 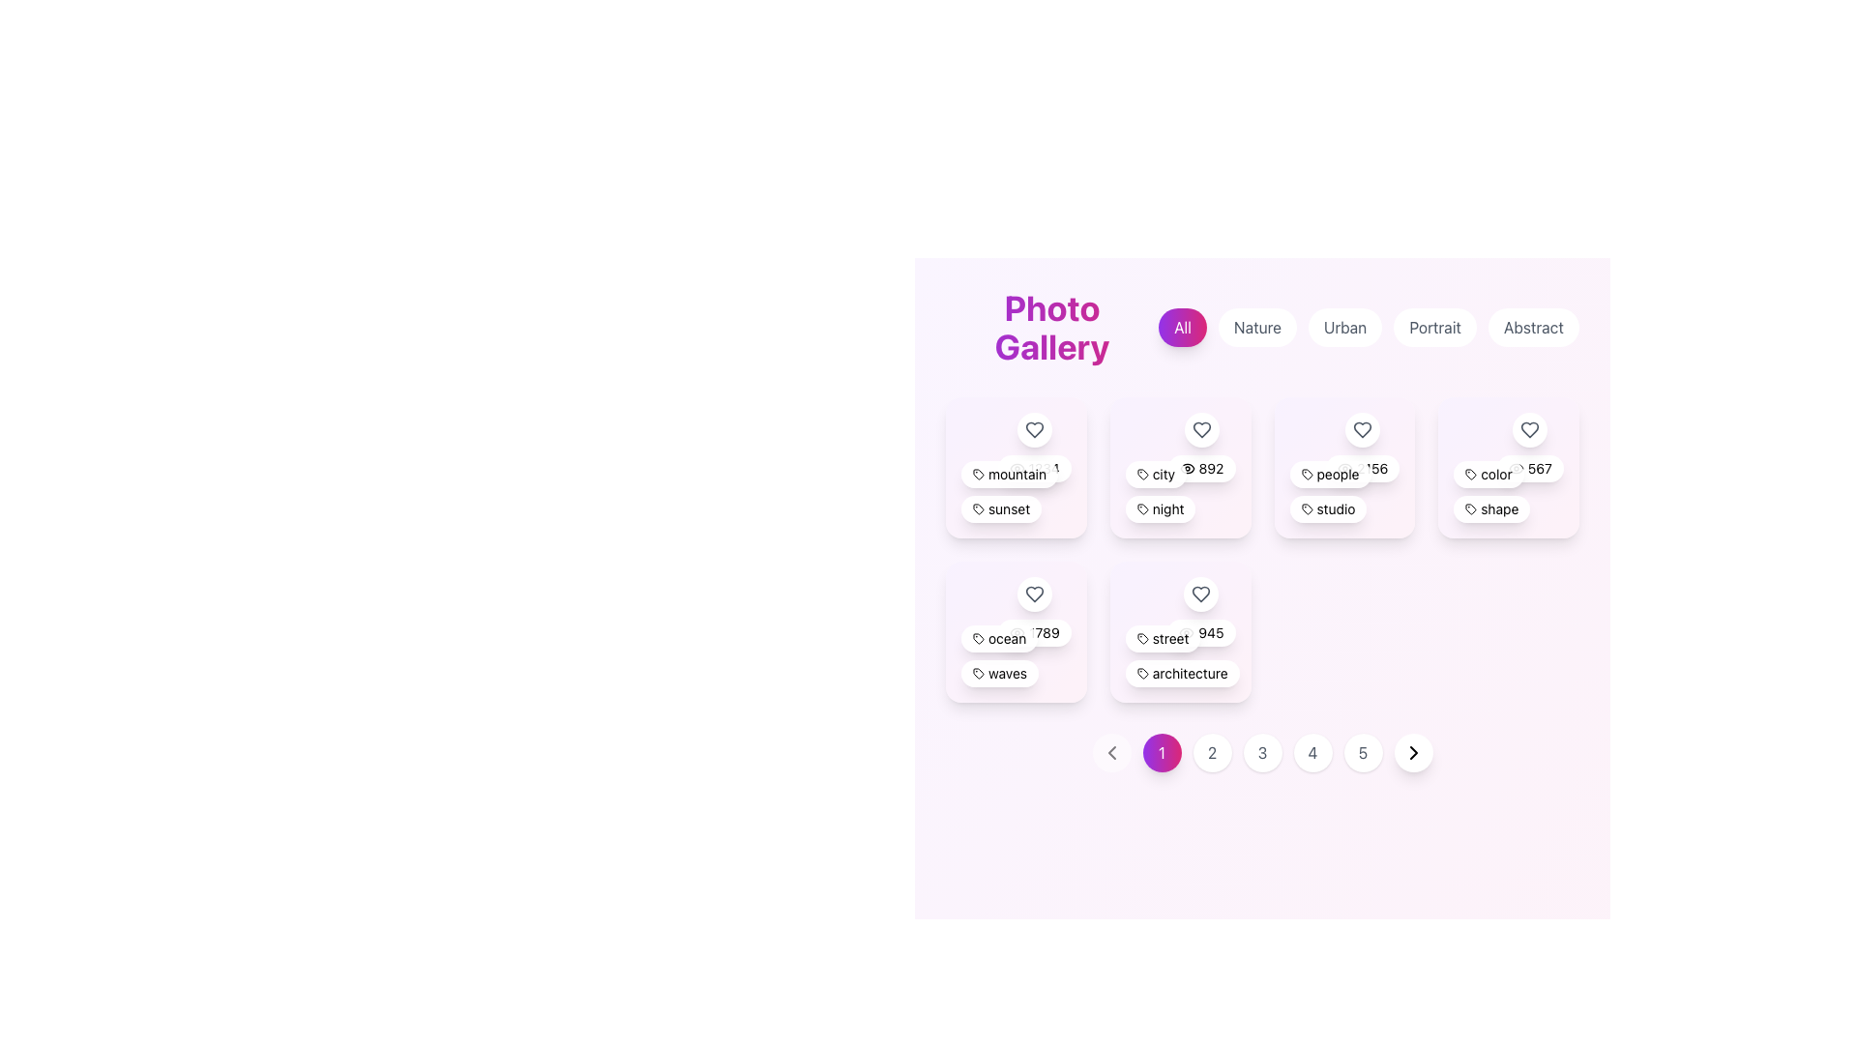 What do you see at coordinates (1529, 428) in the screenshot?
I see `the favorite or like icon button located in the top-right corner of the fourth card in the first row of the grid layout` at bounding box center [1529, 428].